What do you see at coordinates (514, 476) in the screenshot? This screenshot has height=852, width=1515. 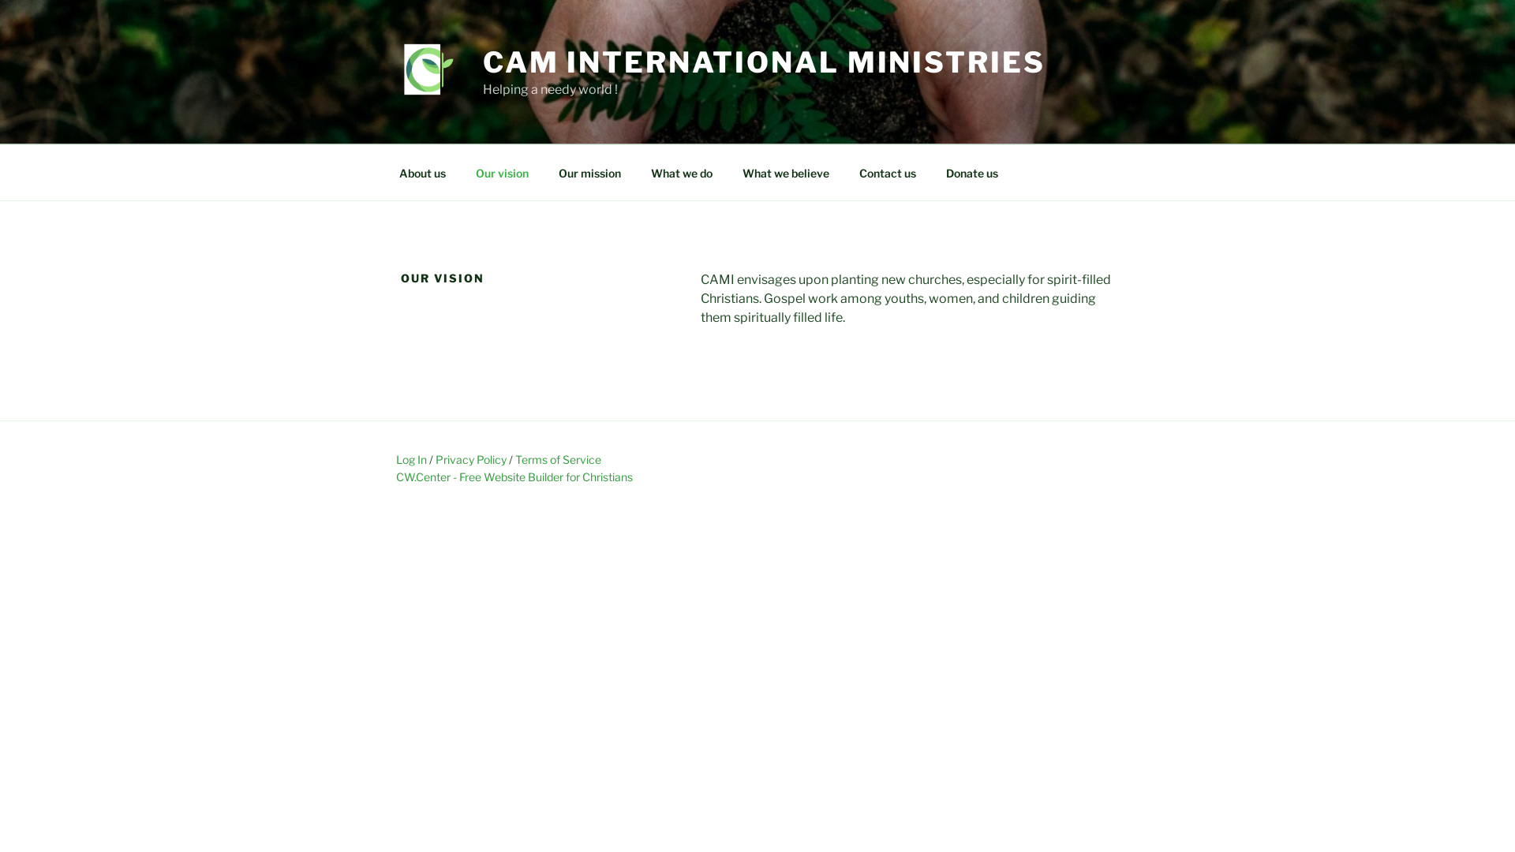 I see `'CW.Center - Free Website Builder for Christians'` at bounding box center [514, 476].